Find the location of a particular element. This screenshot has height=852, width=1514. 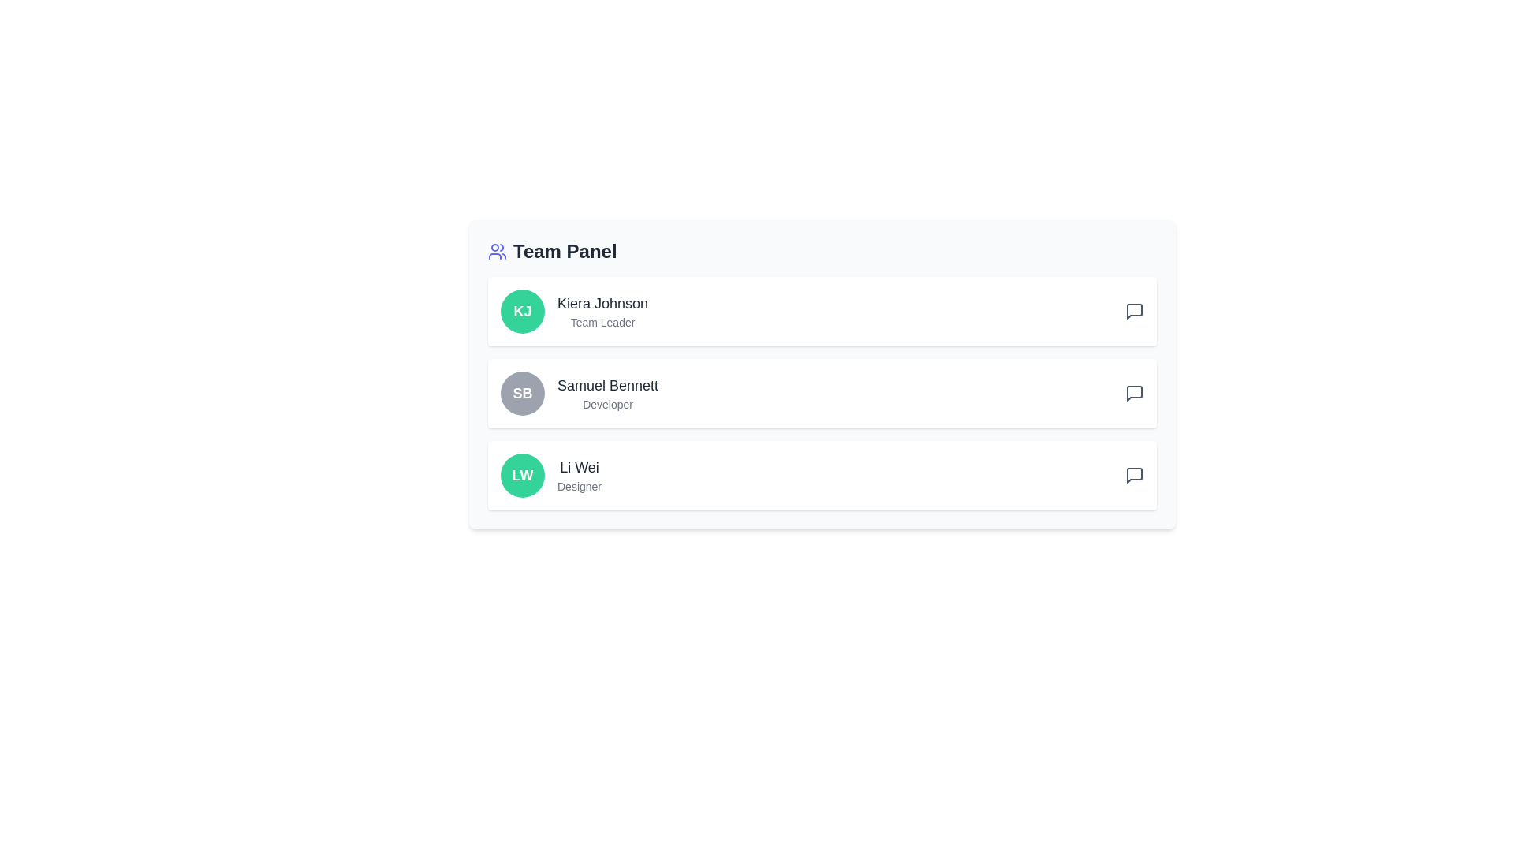

the circular Avatar placeholder with gray background and initials 'SB' located to the left of 'Samuel Bennett' and 'Developer' is located at coordinates (522, 392).